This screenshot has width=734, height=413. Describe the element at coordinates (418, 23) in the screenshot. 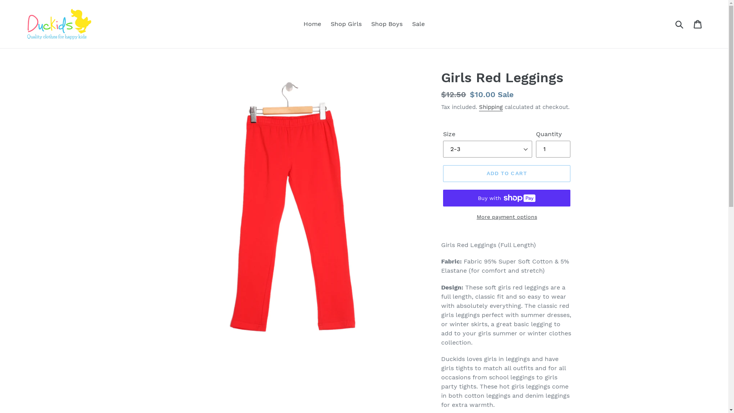

I see `'Sale'` at that location.